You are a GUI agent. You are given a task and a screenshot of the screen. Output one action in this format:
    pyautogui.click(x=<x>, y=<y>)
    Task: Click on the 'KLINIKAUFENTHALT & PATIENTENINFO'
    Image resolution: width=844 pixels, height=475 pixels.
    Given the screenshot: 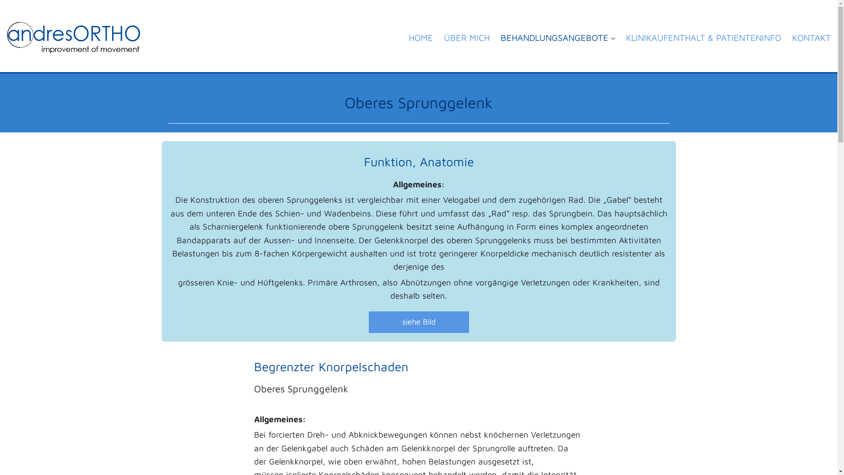 What is the action you would take?
    pyautogui.click(x=703, y=42)
    